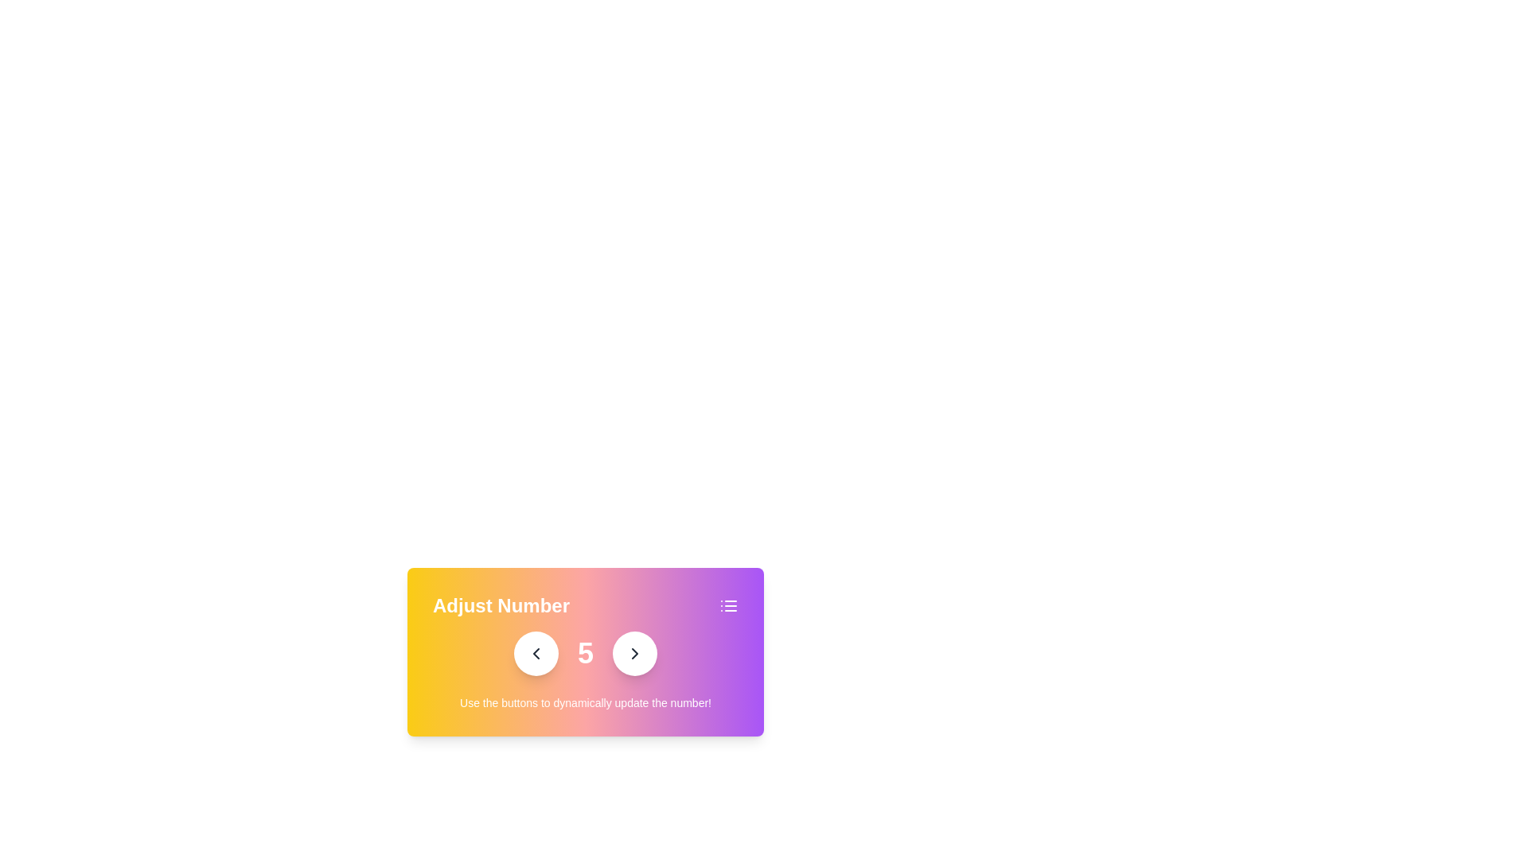 This screenshot has height=859, width=1528. I want to click on the leftmost button to decrement the displayed number, located to the left of the numeric value '5' in the number adjustment interface, so click(536, 653).